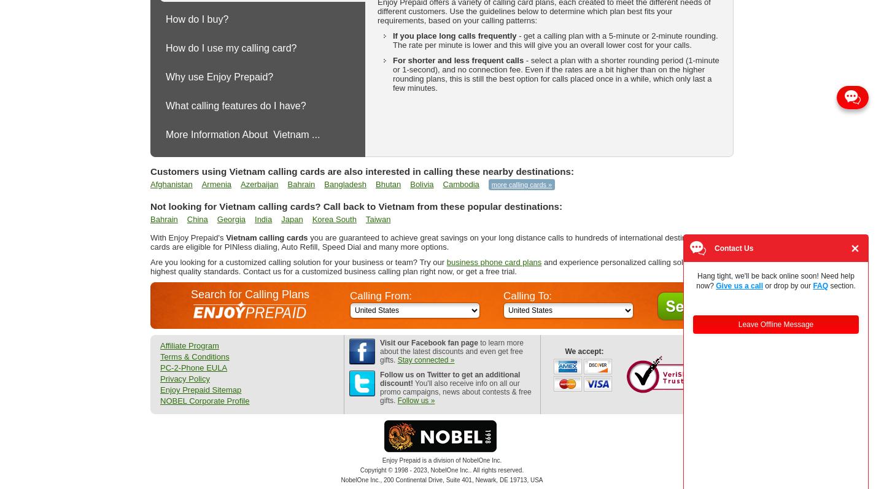 The image size is (884, 489). I want to click on 'Vietnam calling cards', so click(225, 237).